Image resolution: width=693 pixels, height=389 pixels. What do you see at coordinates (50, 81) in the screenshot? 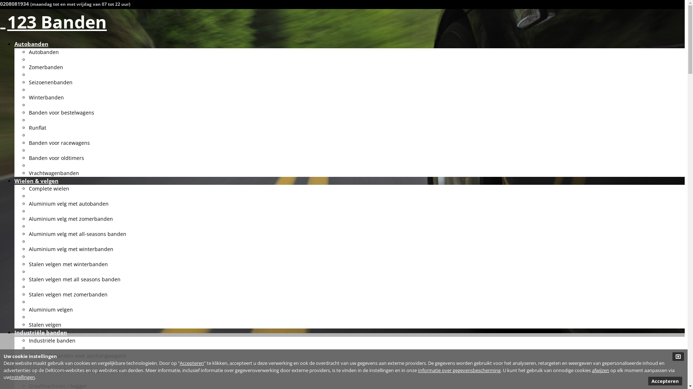
I see `'Seizoenenbanden'` at bounding box center [50, 81].